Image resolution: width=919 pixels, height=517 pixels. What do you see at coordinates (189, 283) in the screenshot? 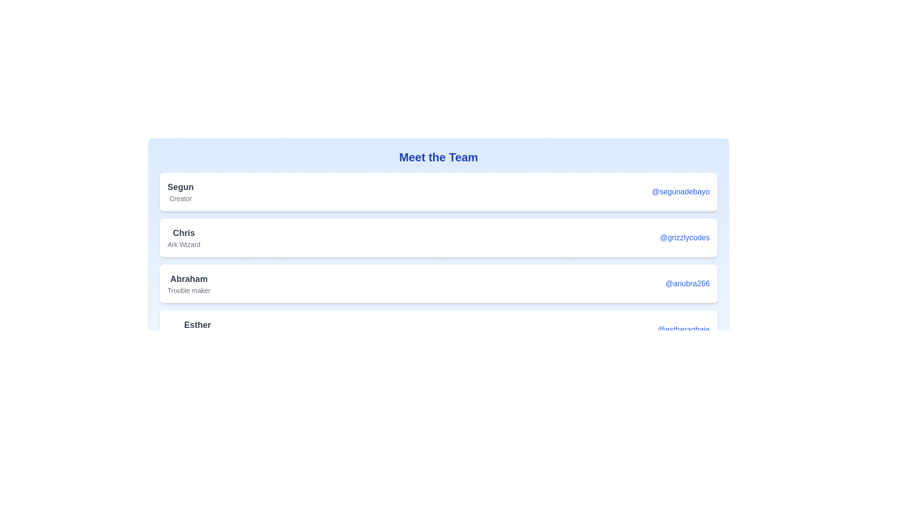
I see `textual label displaying the name 'Abraham' and the title 'Trouble maker' which is located on the left side of a white card in the middle of the interface` at bounding box center [189, 283].